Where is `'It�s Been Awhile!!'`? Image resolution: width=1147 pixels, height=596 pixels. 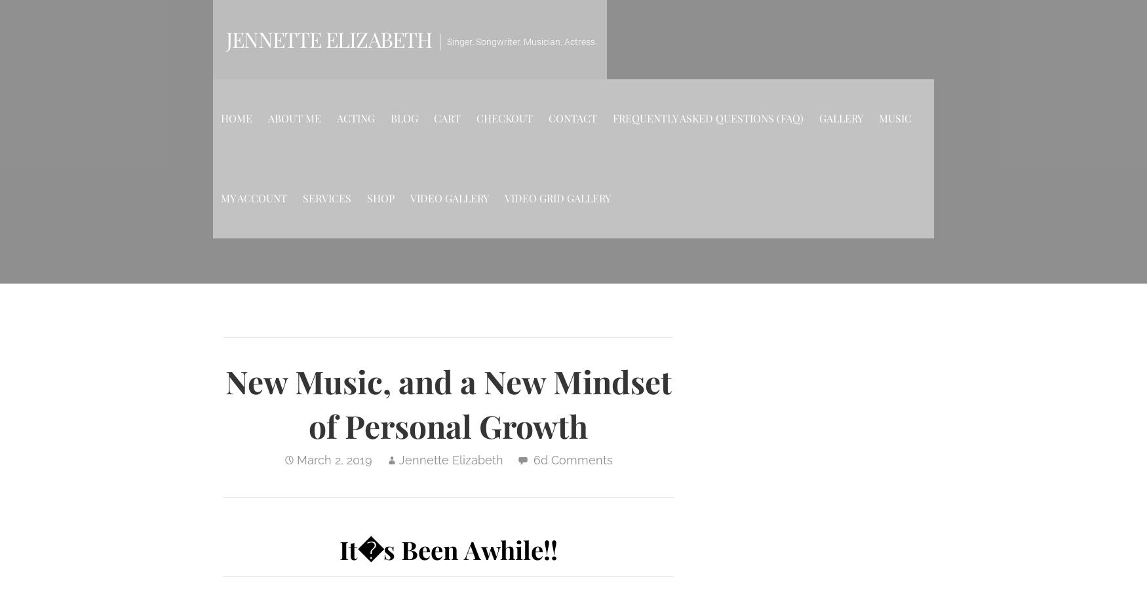
'It�s Been Awhile!!' is located at coordinates (447, 549).